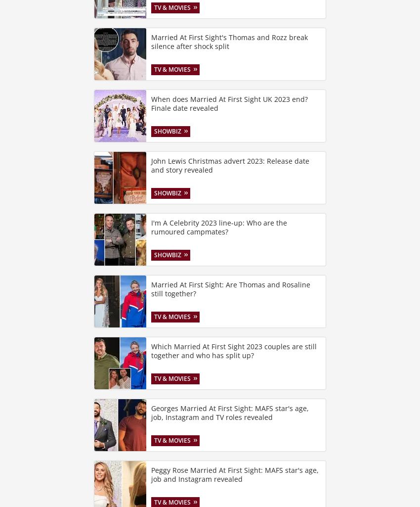  I want to click on 'Peggy Rose Married At First Sight: MAFS star's age, job and Instagram revealed', so click(235, 474).